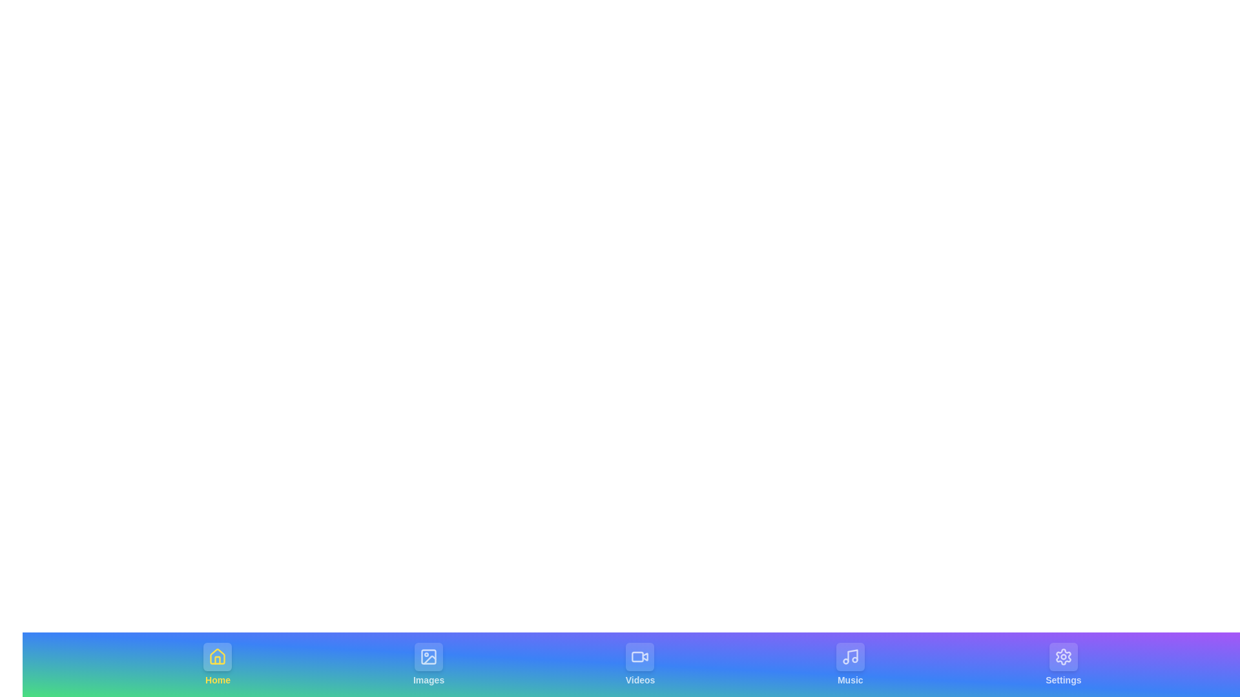  Describe the element at coordinates (1063, 664) in the screenshot. I see `the tab labeled Settings by clicking on its center` at that location.